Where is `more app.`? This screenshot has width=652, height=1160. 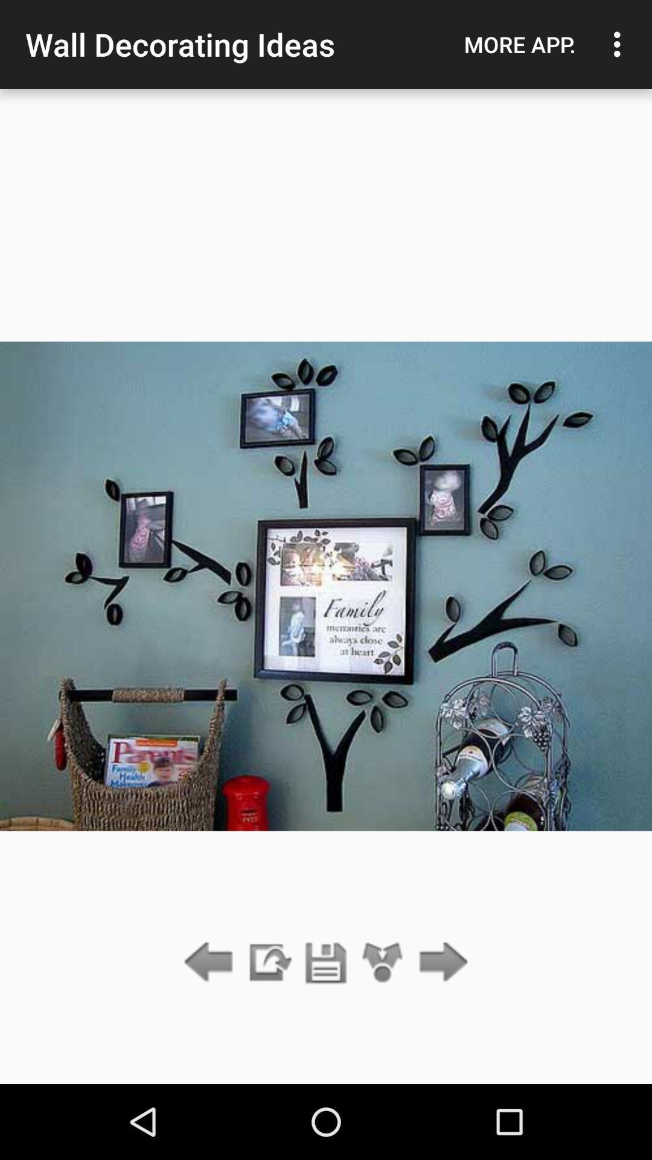 more app. is located at coordinates (519, 44).